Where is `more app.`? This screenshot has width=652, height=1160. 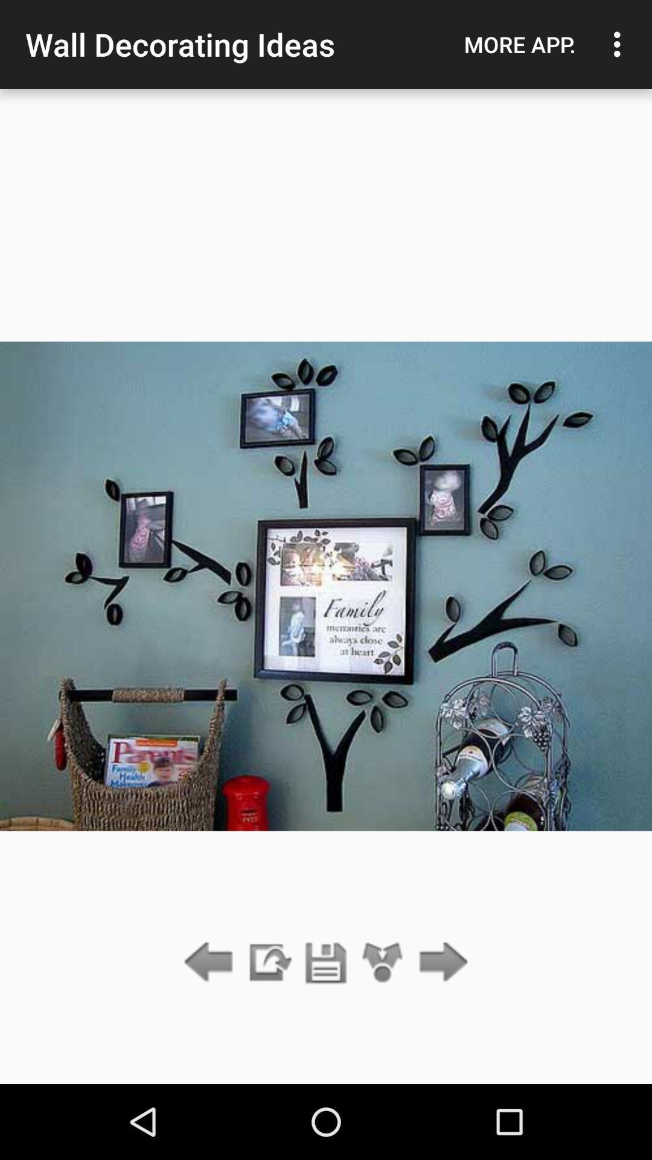 more app. is located at coordinates (519, 44).